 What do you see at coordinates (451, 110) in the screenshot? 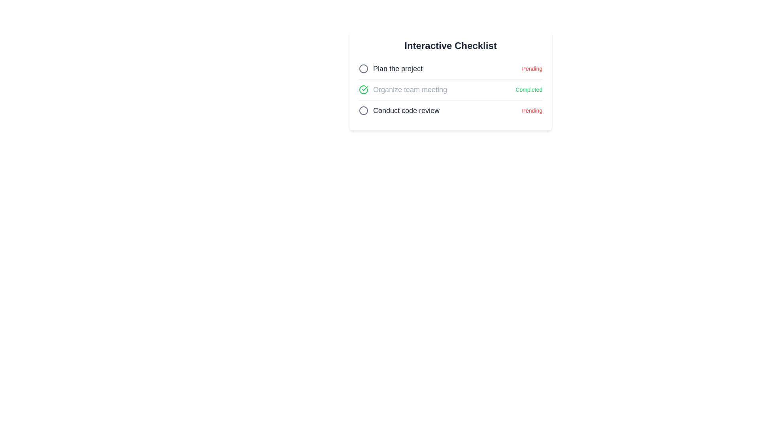
I see `the third list item in the checklist that allows users` at bounding box center [451, 110].